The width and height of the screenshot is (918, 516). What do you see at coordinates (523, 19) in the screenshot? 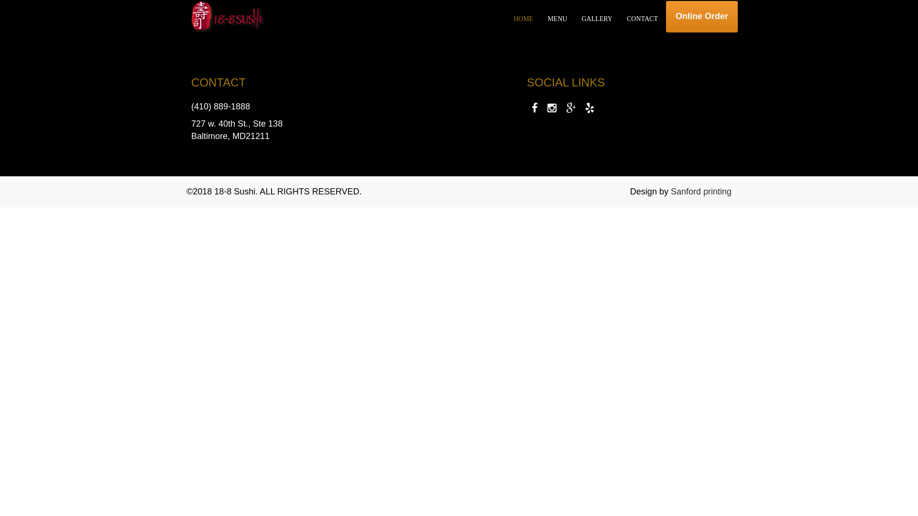
I see `'HOME'` at bounding box center [523, 19].